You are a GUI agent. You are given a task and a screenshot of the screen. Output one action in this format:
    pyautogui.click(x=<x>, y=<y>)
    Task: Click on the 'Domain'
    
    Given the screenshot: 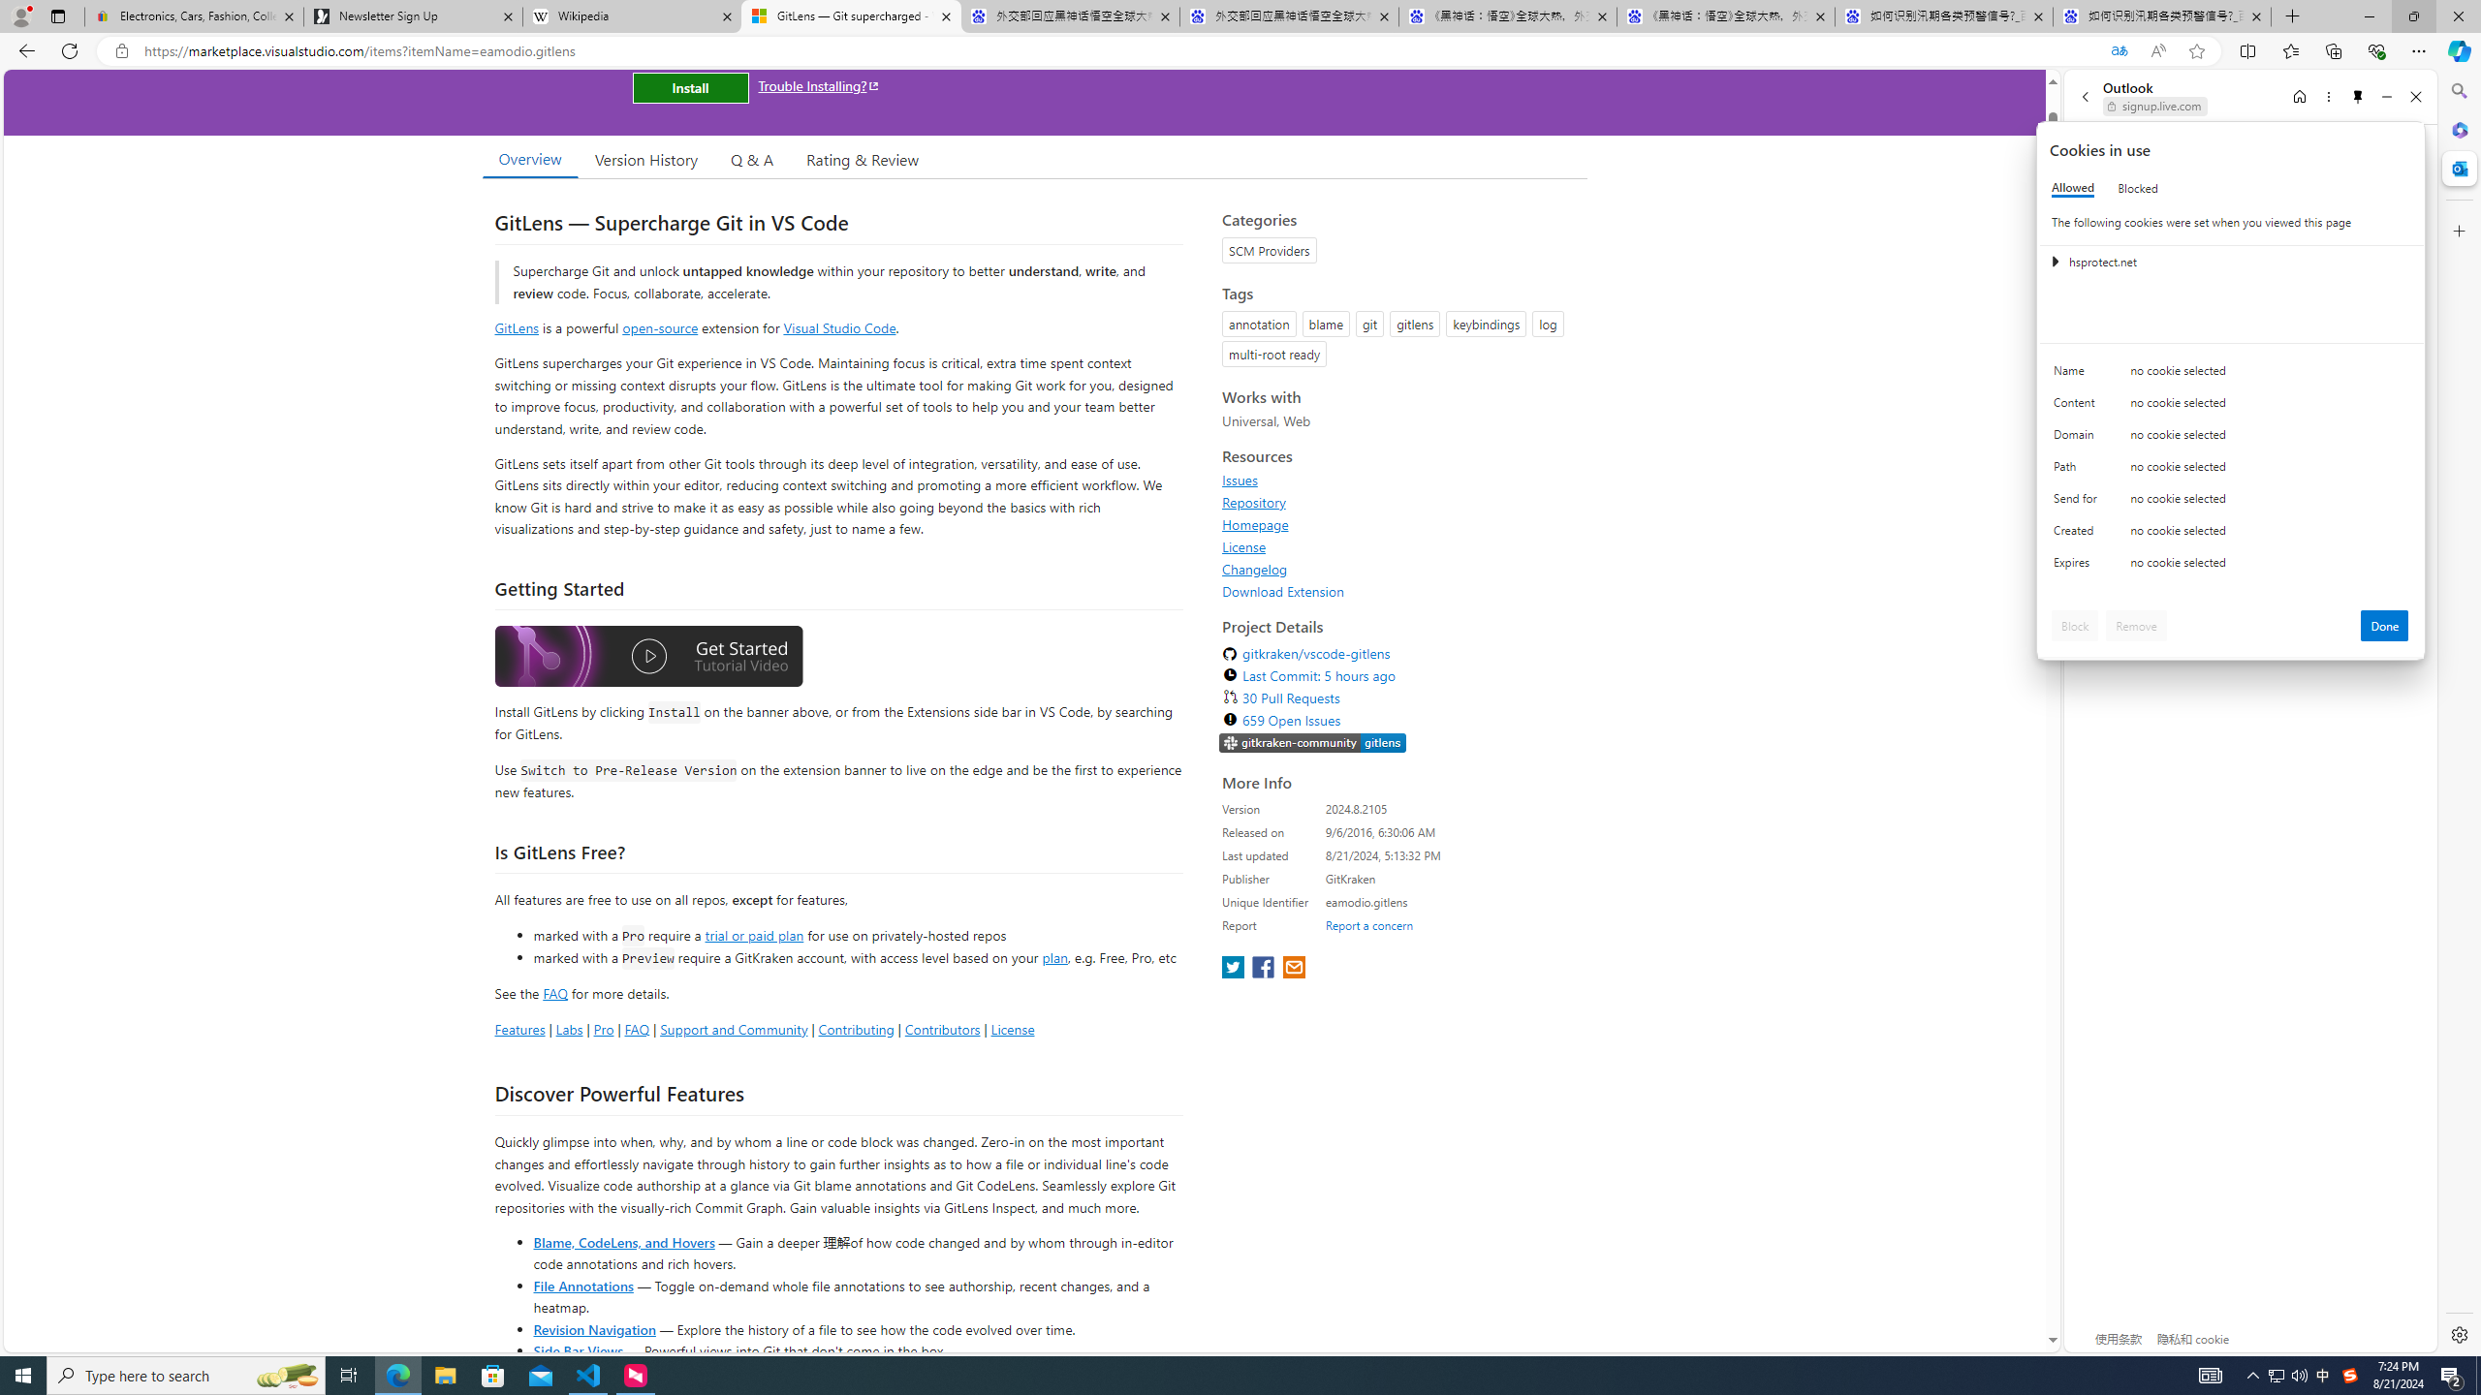 What is the action you would take?
    pyautogui.click(x=2078, y=438)
    